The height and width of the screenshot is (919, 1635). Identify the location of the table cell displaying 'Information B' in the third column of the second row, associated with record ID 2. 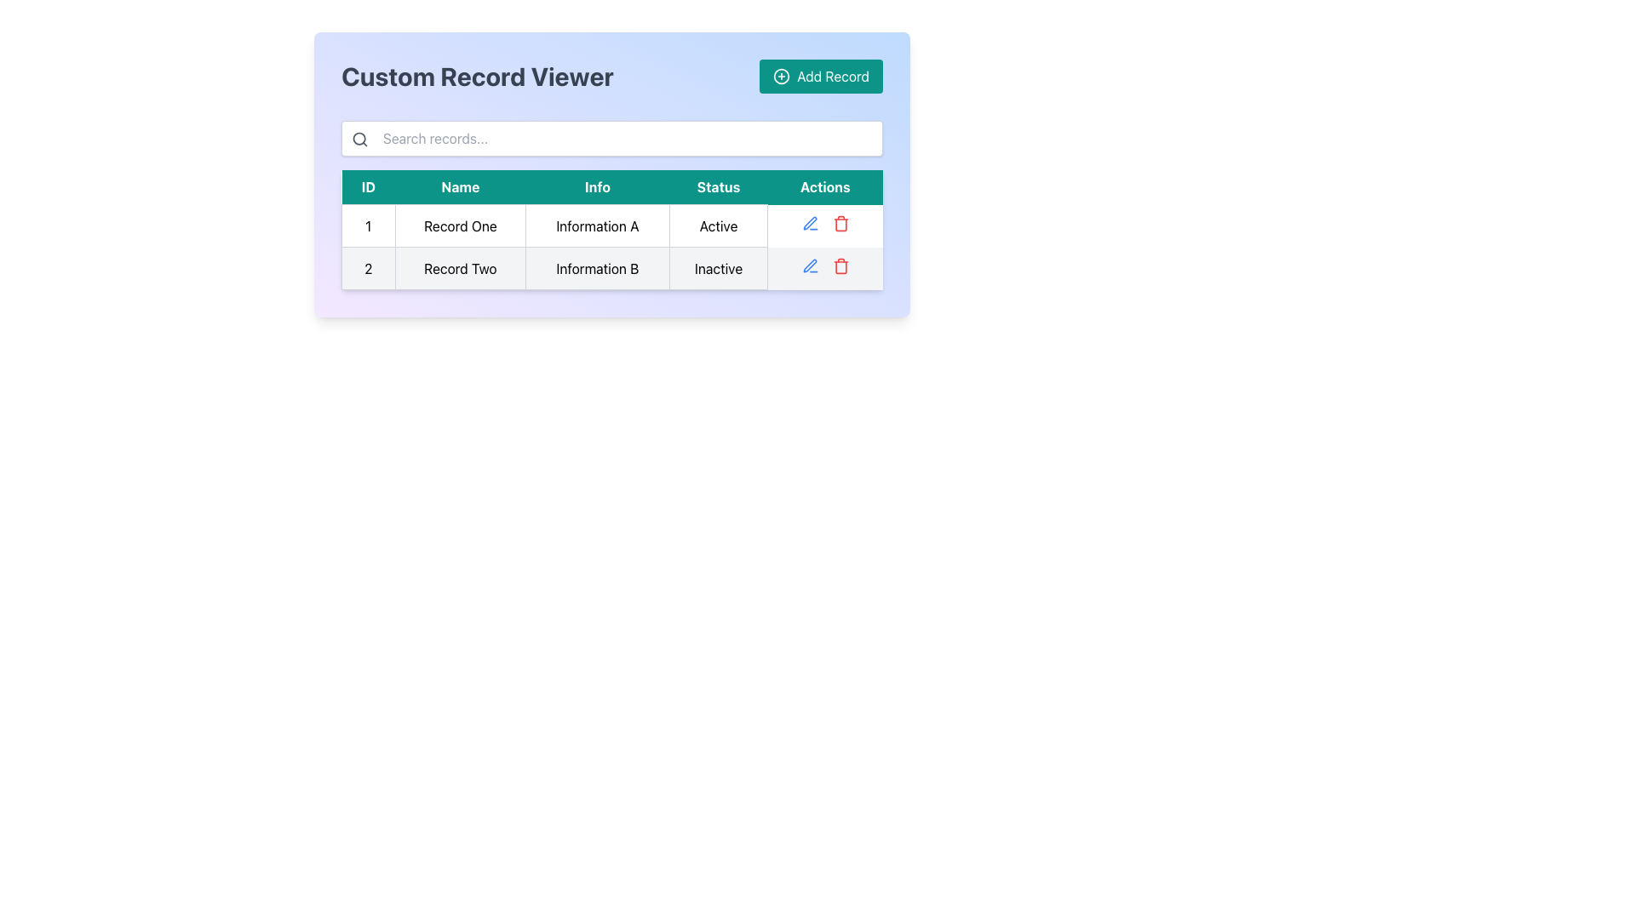
(597, 268).